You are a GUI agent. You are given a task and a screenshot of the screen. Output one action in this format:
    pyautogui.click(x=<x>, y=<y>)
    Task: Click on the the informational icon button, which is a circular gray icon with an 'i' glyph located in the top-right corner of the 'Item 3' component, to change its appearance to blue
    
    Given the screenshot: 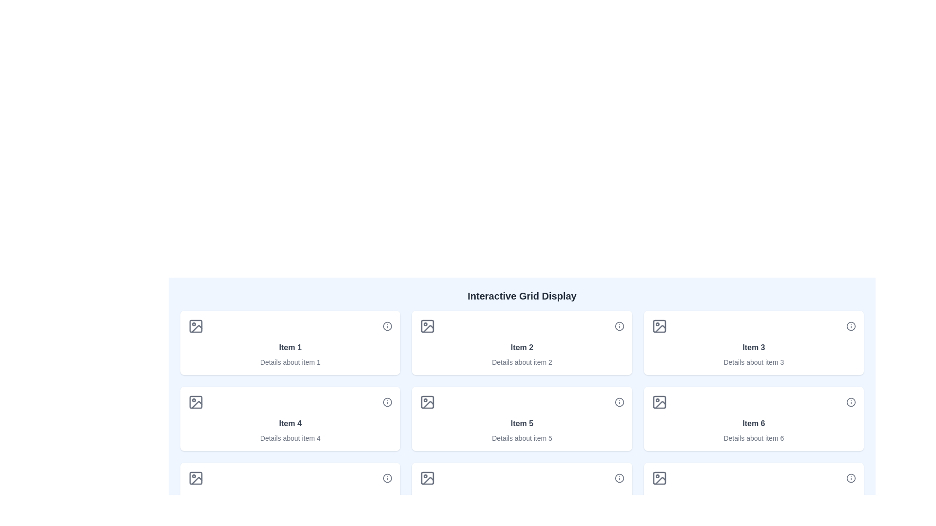 What is the action you would take?
    pyautogui.click(x=851, y=326)
    